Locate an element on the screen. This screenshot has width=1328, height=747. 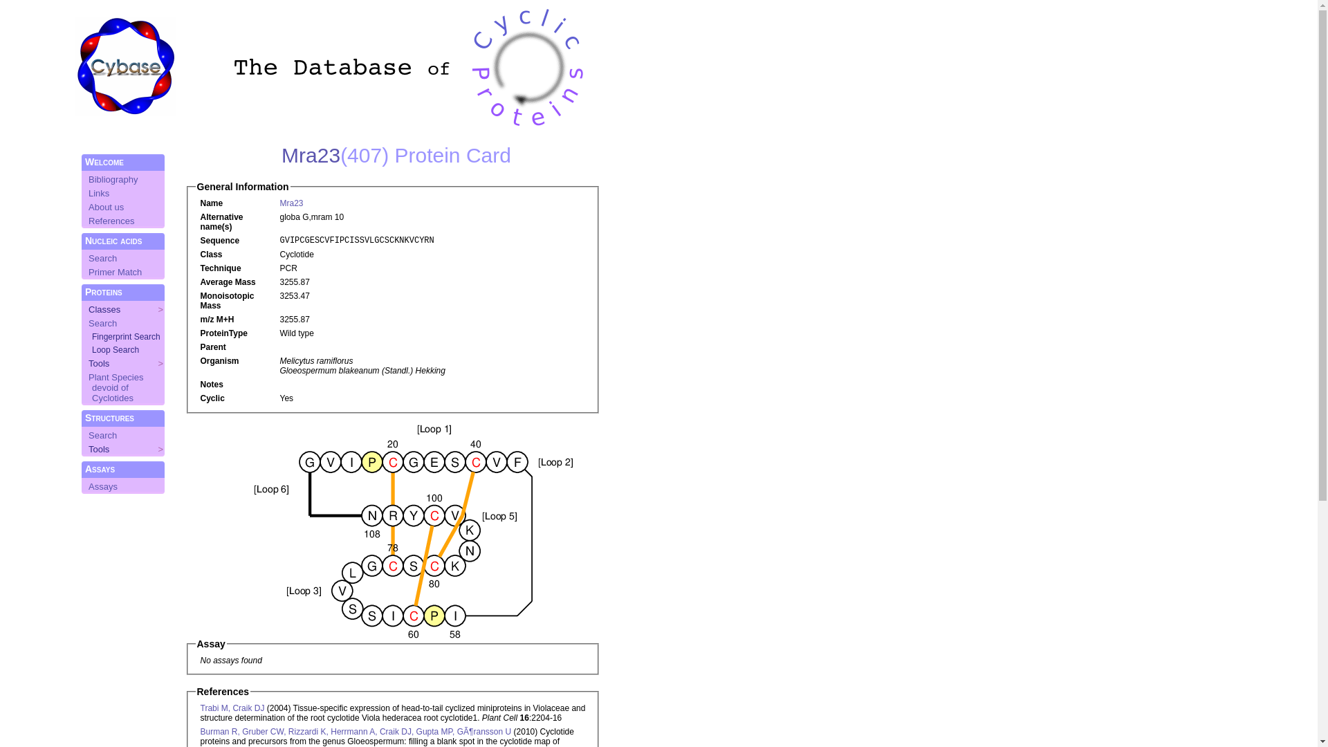
'Fingerprint Search' is located at coordinates (91, 336).